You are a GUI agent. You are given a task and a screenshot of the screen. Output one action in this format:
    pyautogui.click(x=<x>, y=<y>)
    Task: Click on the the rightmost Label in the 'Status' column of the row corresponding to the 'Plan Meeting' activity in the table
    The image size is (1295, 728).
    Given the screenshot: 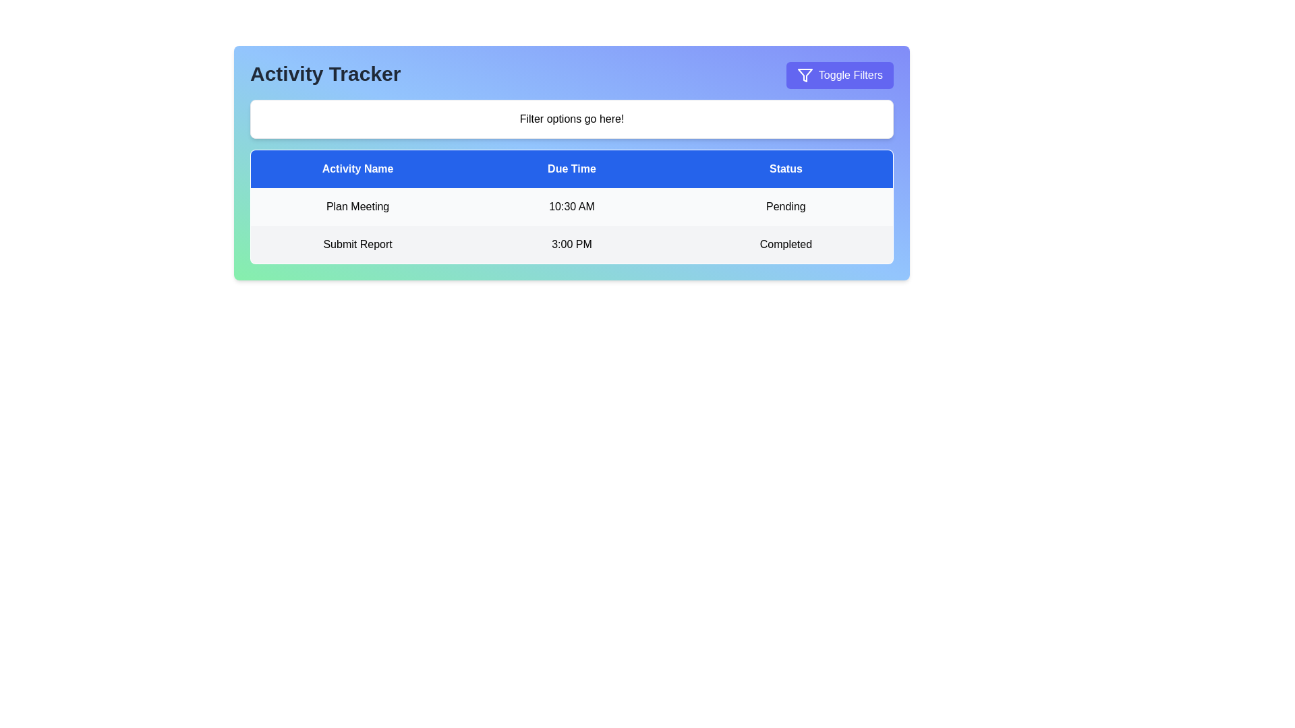 What is the action you would take?
    pyautogui.click(x=786, y=207)
    